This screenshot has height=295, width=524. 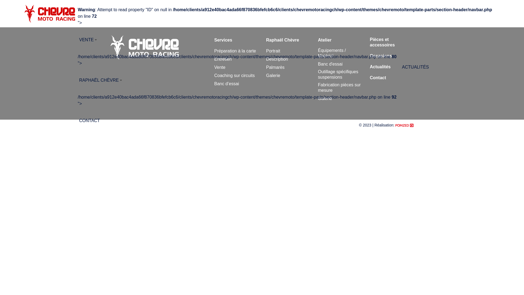 What do you see at coordinates (220, 67) in the screenshot?
I see `'Vente'` at bounding box center [220, 67].